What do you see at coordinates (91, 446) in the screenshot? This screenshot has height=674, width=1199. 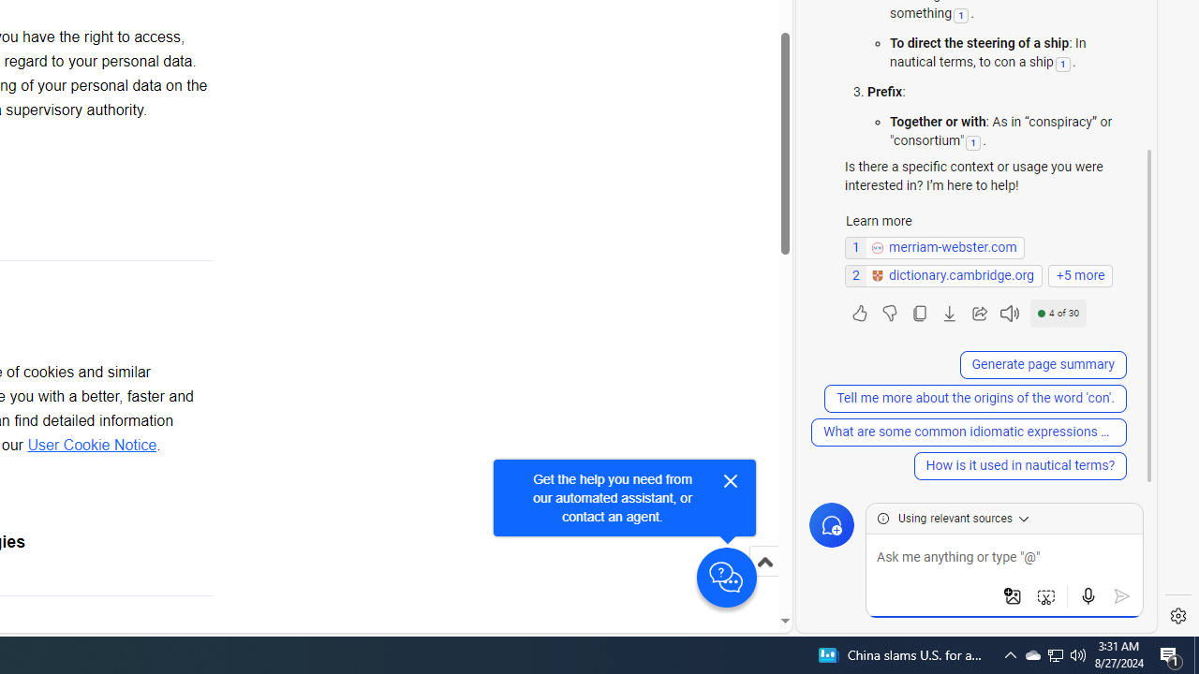 I see `'User Cookie Notice'` at bounding box center [91, 446].